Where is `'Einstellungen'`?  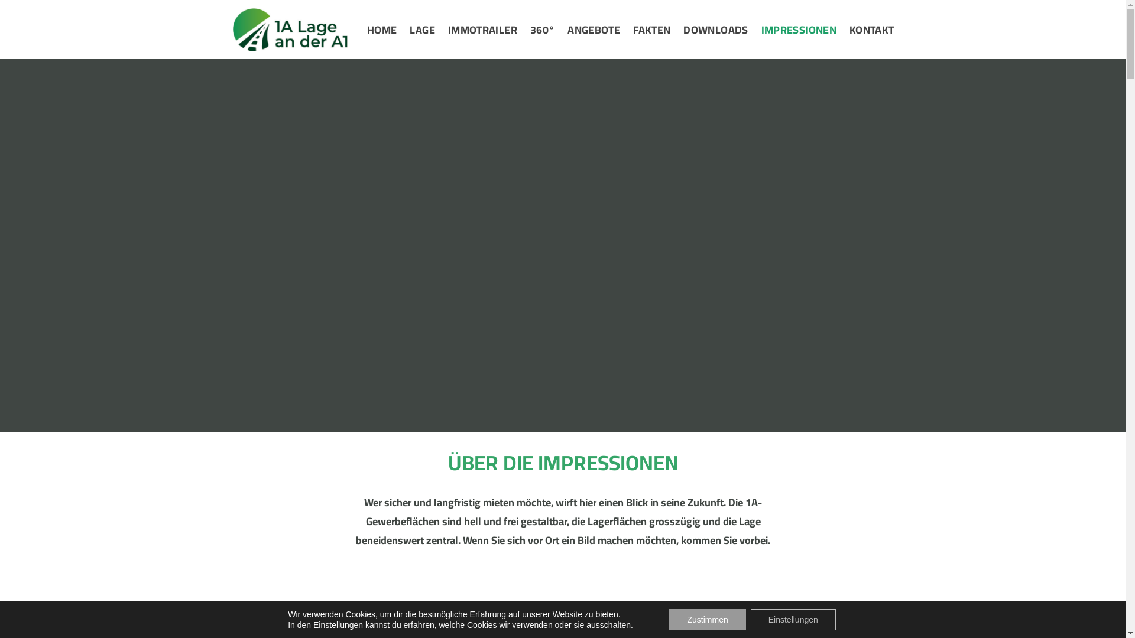 'Einstellungen' is located at coordinates (793, 619).